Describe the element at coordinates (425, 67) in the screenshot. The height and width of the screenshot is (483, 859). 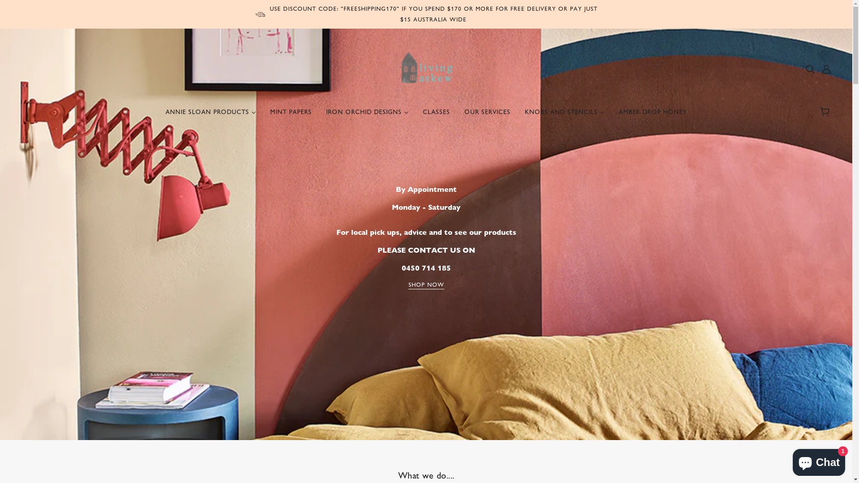
I see `'Living Askew'` at that location.